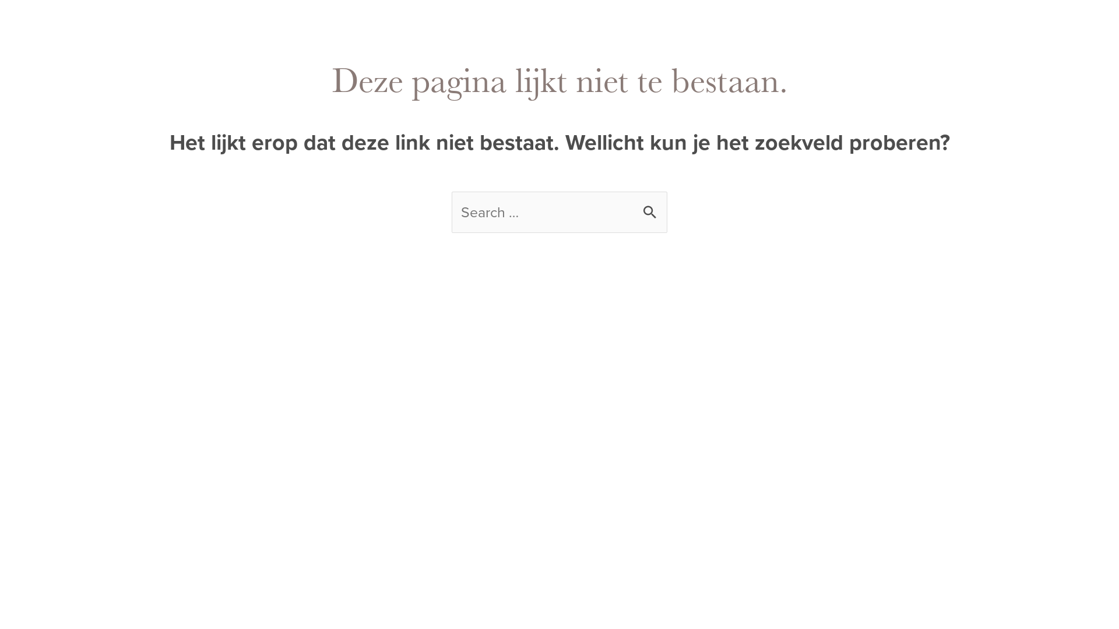  What do you see at coordinates (654, 206) in the screenshot?
I see `'Zoeken'` at bounding box center [654, 206].